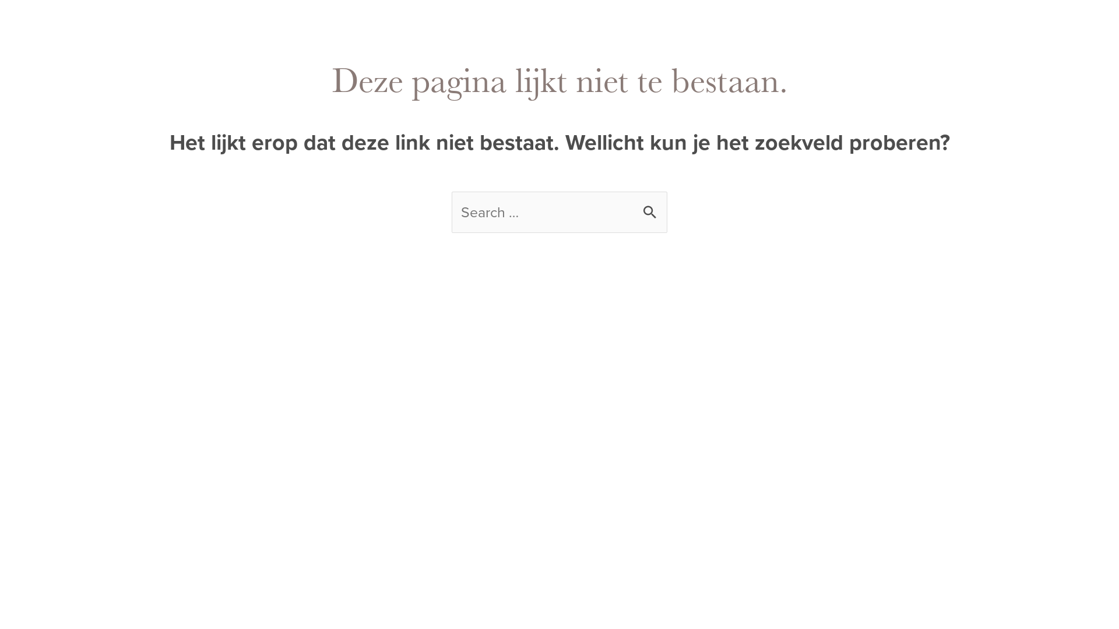  What do you see at coordinates (654, 206) in the screenshot?
I see `'Zoeken'` at bounding box center [654, 206].